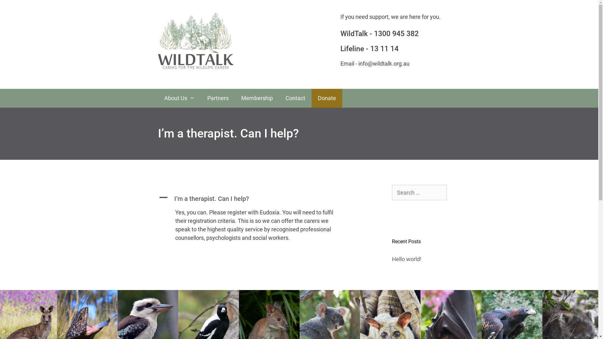 This screenshot has width=603, height=339. I want to click on 'Contact', so click(295, 98).